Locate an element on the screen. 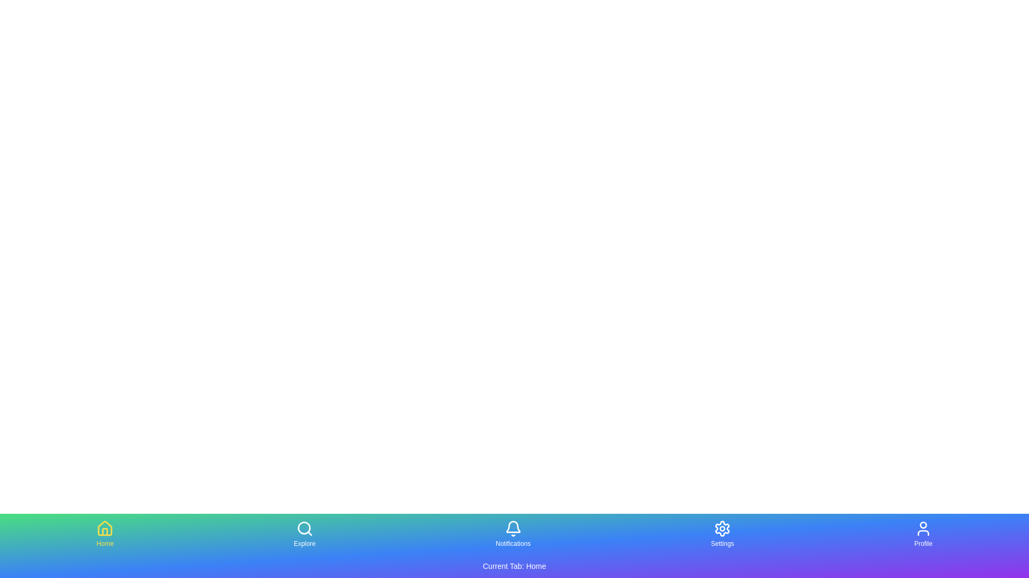 Image resolution: width=1029 pixels, height=578 pixels. the tab labeled Profile to select it is located at coordinates (922, 534).